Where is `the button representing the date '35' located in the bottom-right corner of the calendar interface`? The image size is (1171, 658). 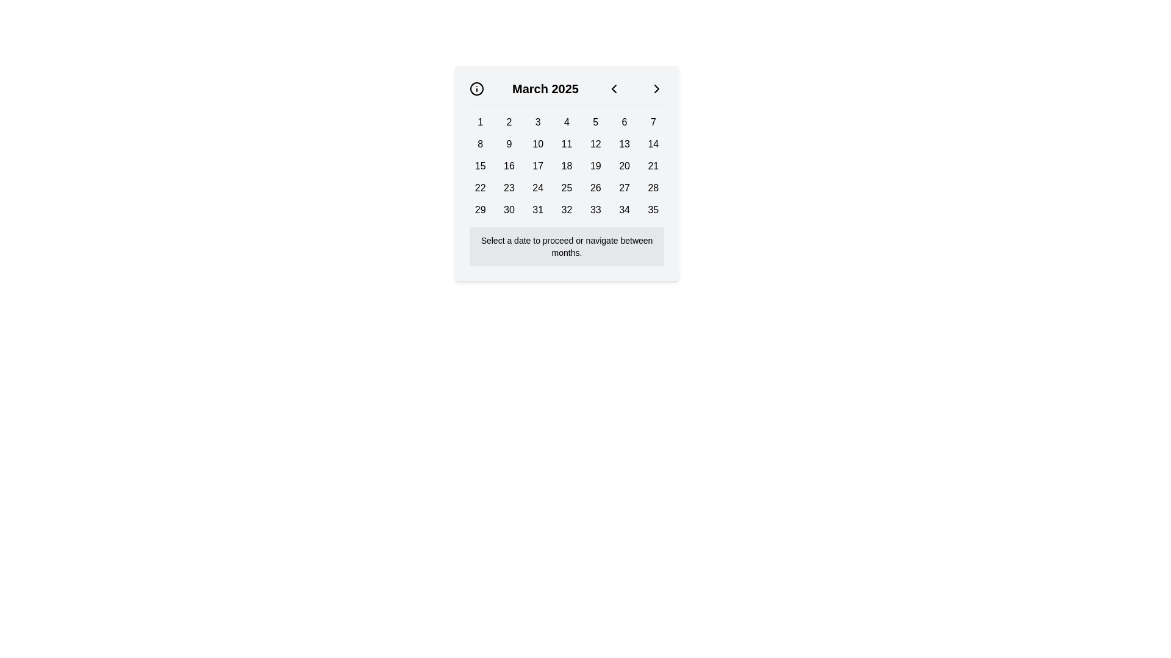 the button representing the date '35' located in the bottom-right corner of the calendar interface is located at coordinates (653, 209).